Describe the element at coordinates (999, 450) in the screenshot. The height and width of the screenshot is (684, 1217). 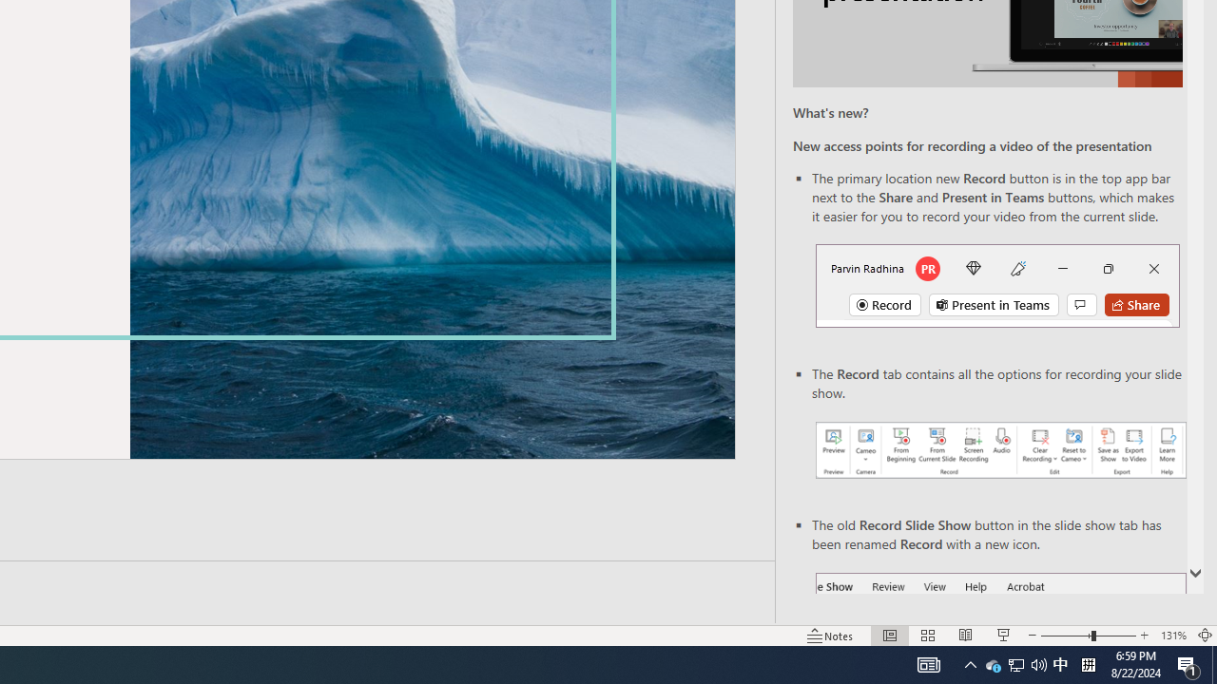
I see `'Record your presentations screenshot one'` at that location.